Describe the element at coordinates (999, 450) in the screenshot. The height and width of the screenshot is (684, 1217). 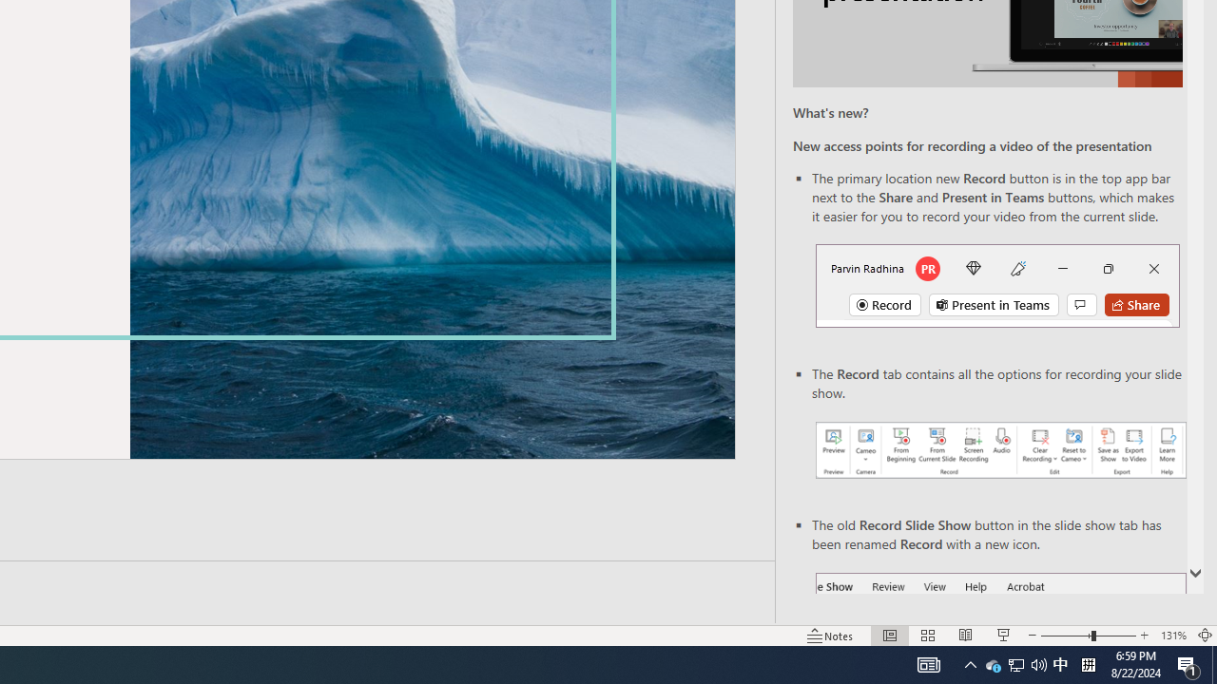
I see `'Record your presentations screenshot one'` at that location.